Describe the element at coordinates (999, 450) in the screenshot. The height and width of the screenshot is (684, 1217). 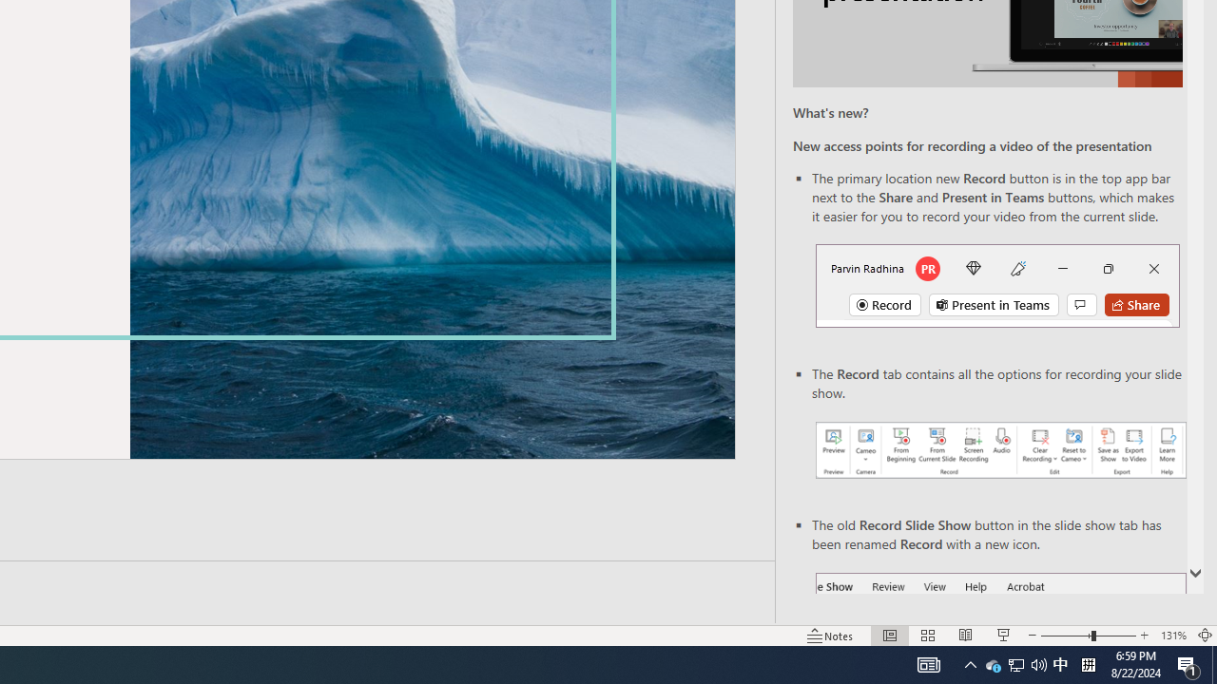
I see `'Record your presentations screenshot one'` at that location.